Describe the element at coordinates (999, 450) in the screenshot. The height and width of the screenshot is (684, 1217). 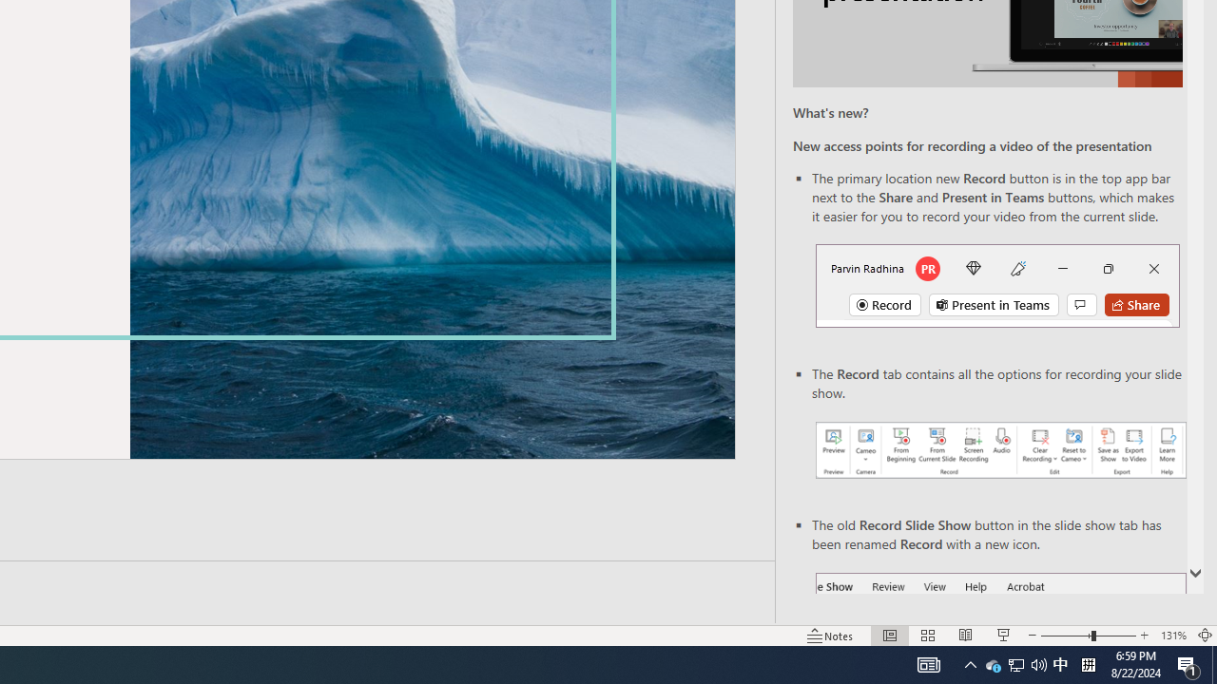
I see `'Record your presentations screenshot one'` at that location.